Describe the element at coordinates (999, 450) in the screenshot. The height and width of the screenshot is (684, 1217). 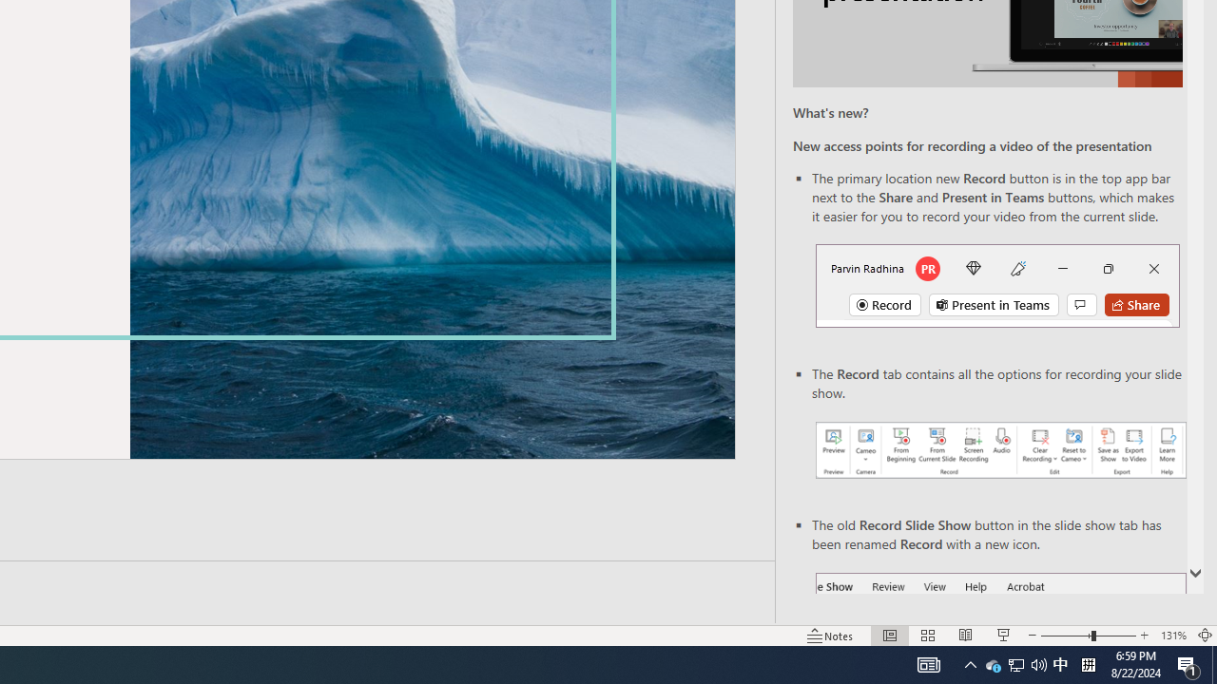
I see `'Record your presentations screenshot one'` at that location.